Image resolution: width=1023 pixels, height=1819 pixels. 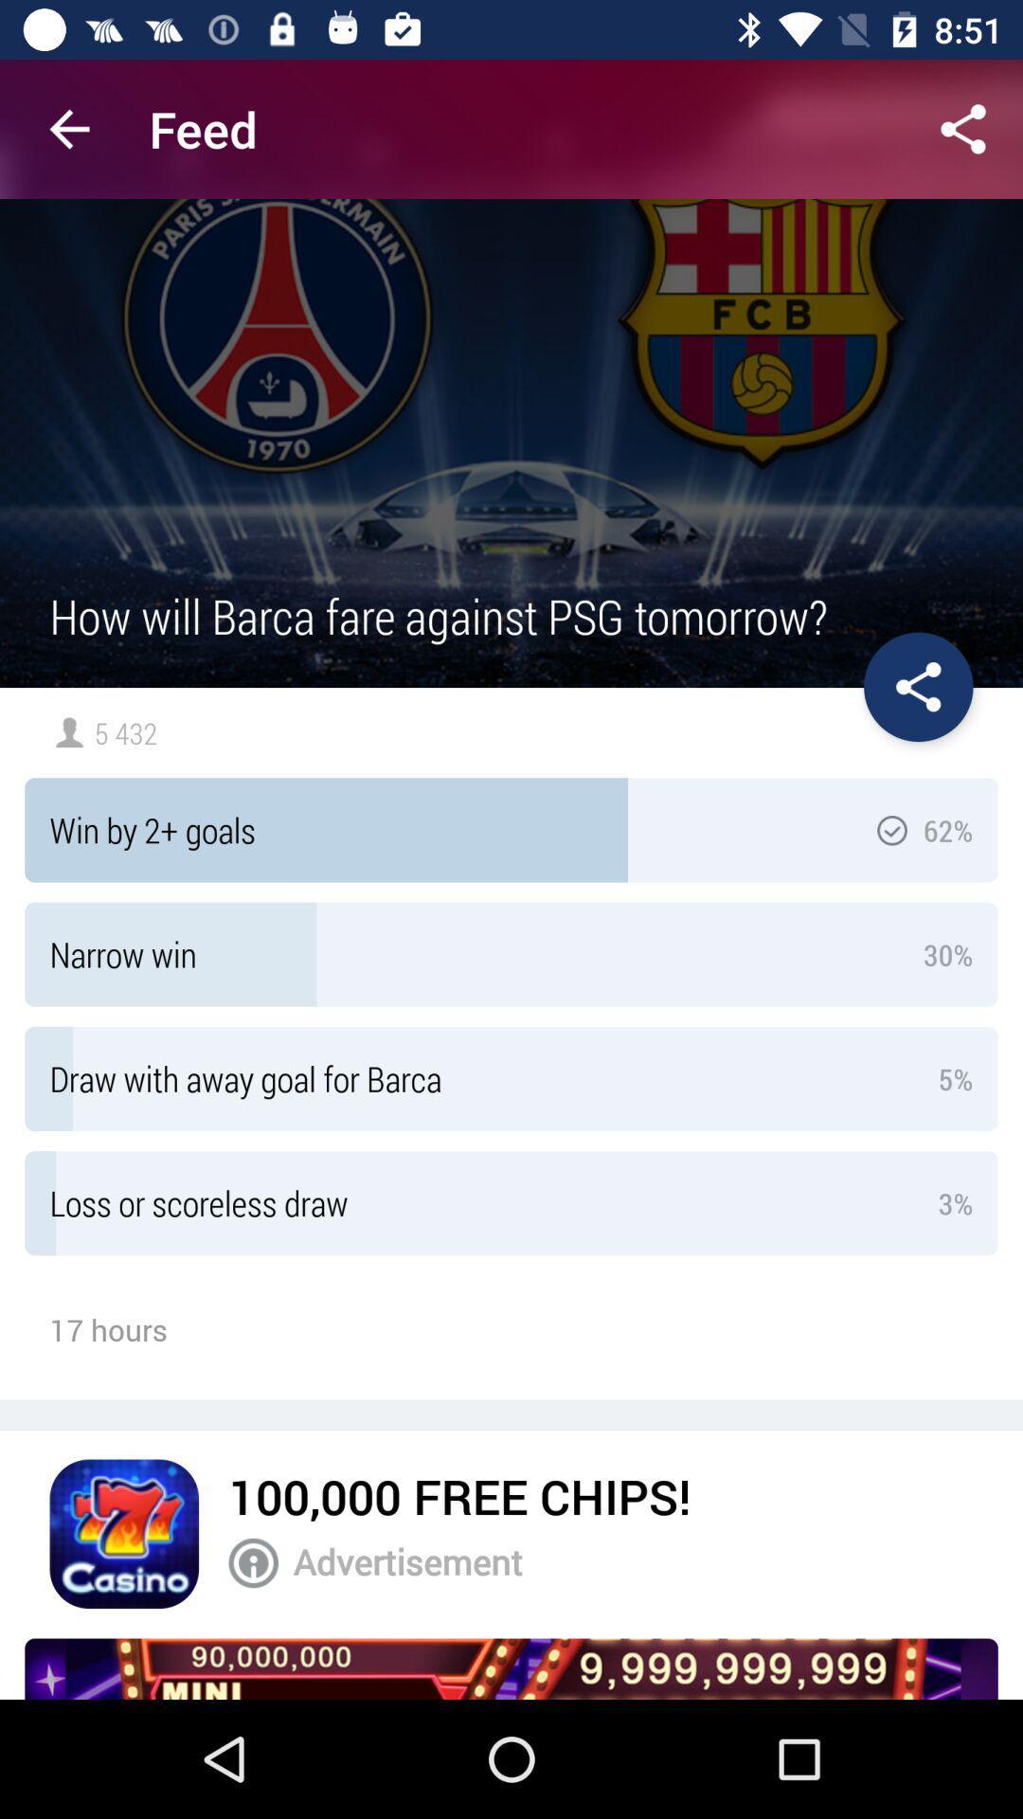 I want to click on the 100 000 free, so click(x=459, y=1495).